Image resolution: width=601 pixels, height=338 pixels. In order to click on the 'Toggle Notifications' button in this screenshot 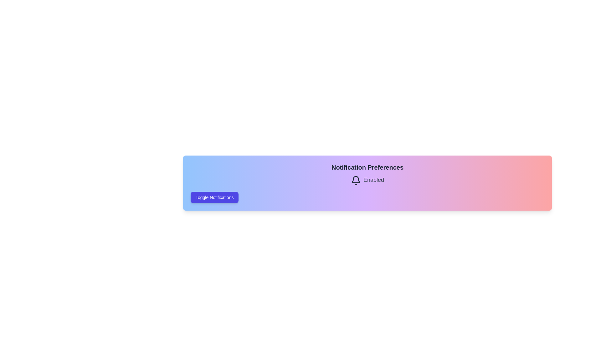, I will do `click(214, 197)`.